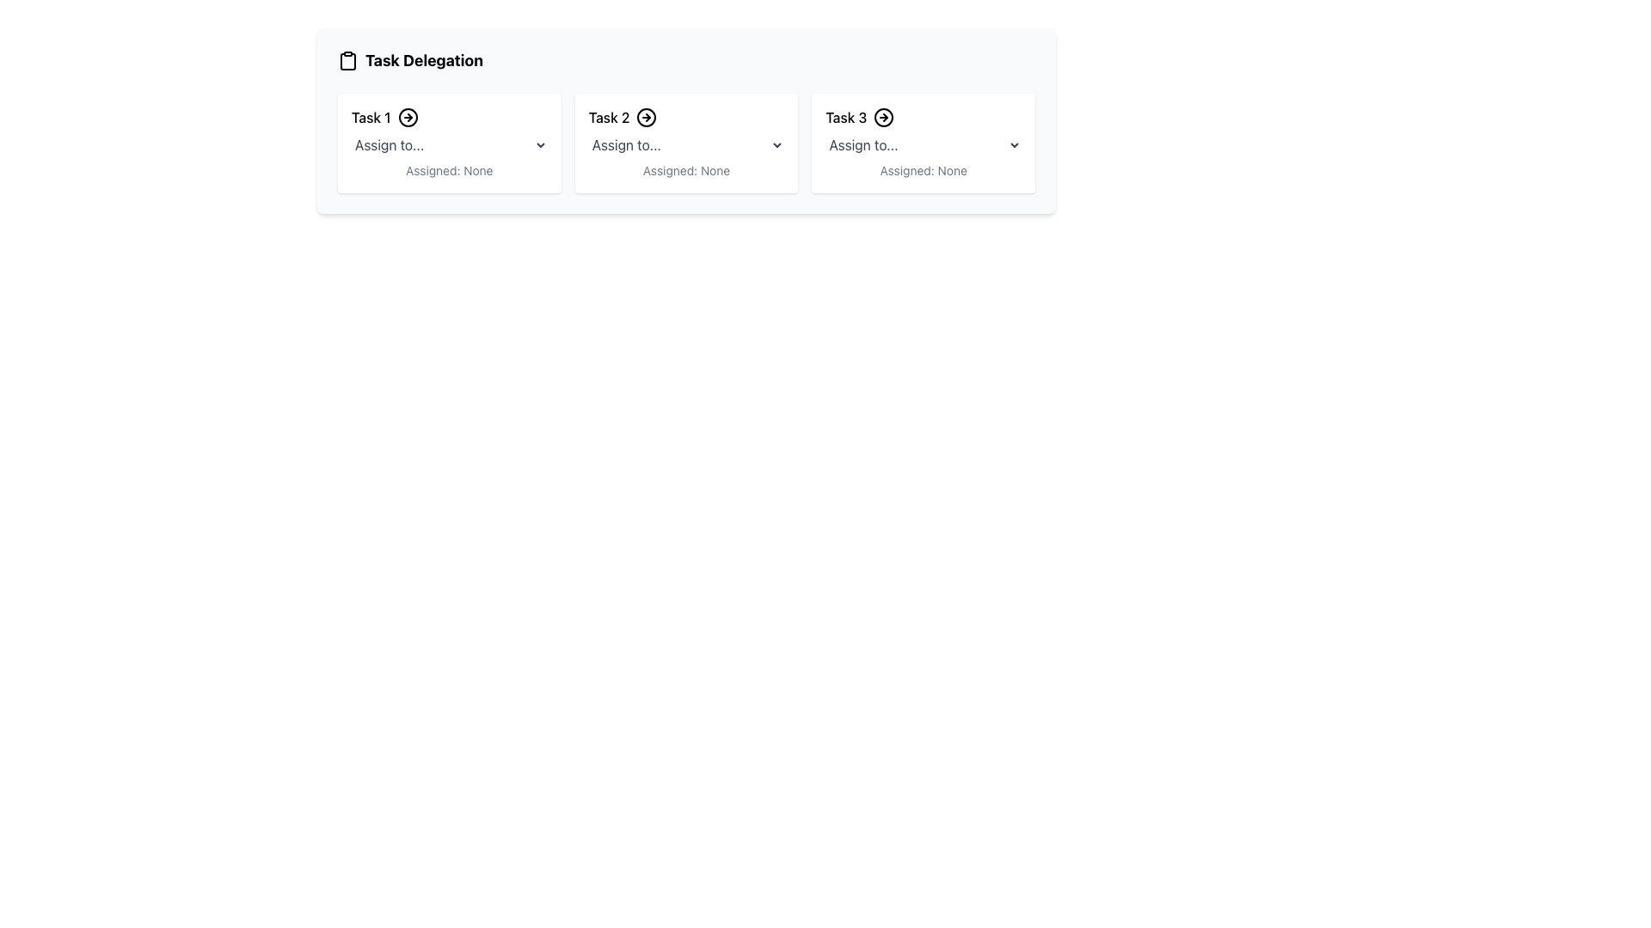 Image resolution: width=1651 pixels, height=928 pixels. What do you see at coordinates (449, 171) in the screenshot?
I see `the Text Label displaying the current assignment status ('None') of 'Task 1', located at the bottom of the card, directly underneath the dropdown menu` at bounding box center [449, 171].